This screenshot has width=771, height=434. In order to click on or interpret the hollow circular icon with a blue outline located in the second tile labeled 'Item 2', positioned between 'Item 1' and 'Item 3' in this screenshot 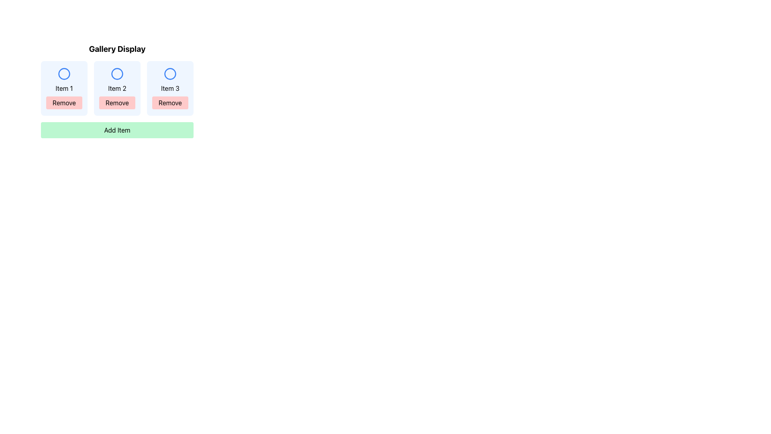, I will do `click(117, 74)`.